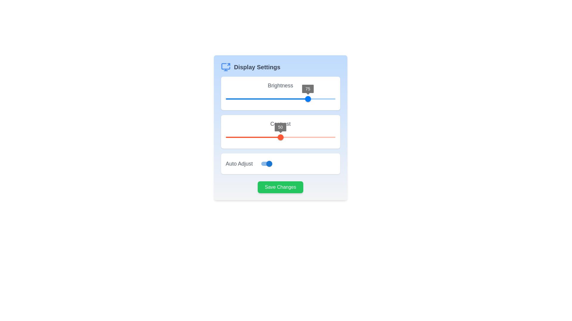  What do you see at coordinates (308, 89) in the screenshot?
I see `the circular badge displaying the value '75' which is located centrally above the blue knob of the 'Brightness' slider` at bounding box center [308, 89].